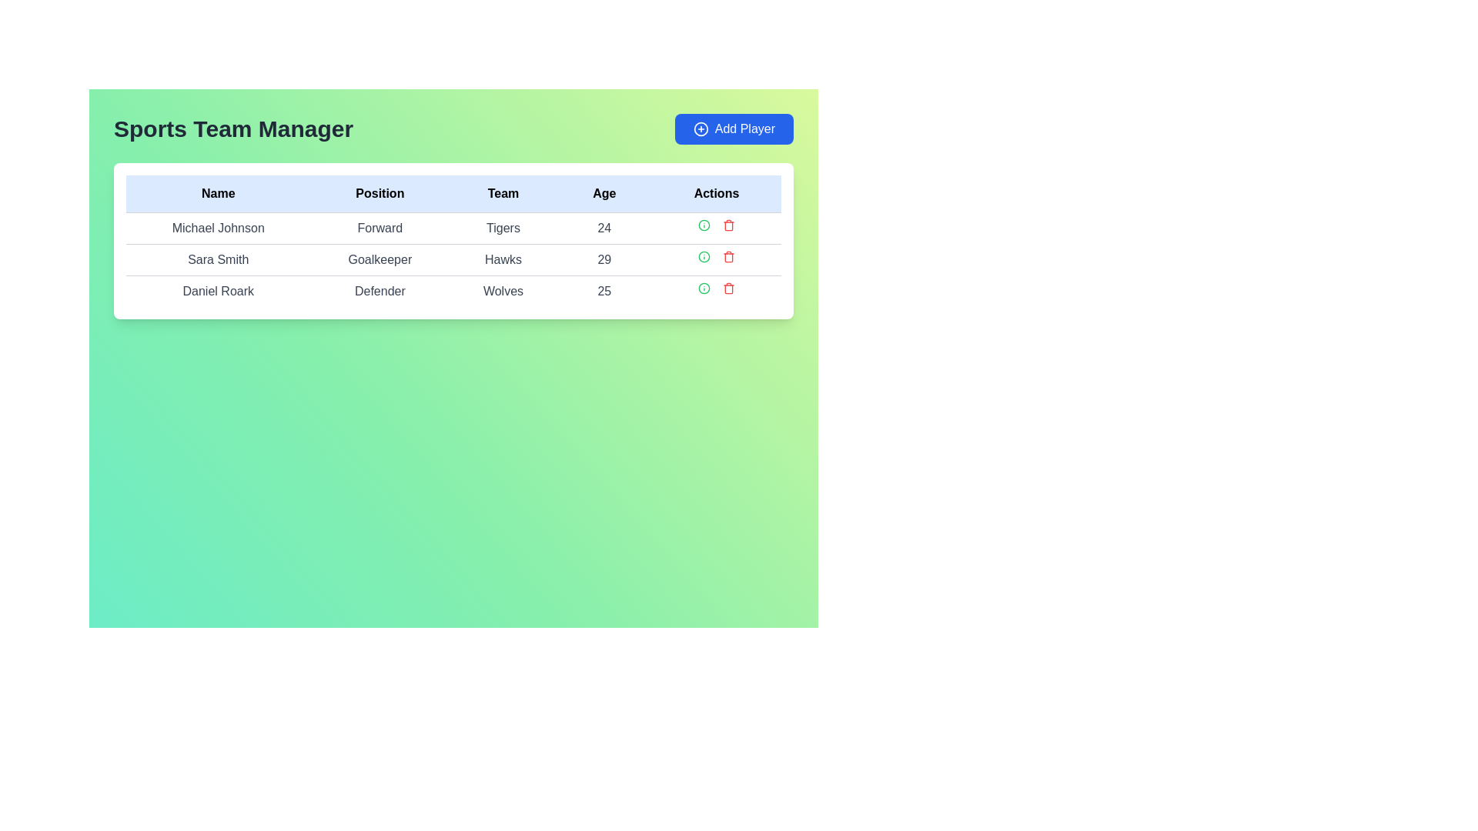  Describe the element at coordinates (716, 225) in the screenshot. I see `the green info icon in the actions column of the table row for 'Michael Johnson'` at that location.